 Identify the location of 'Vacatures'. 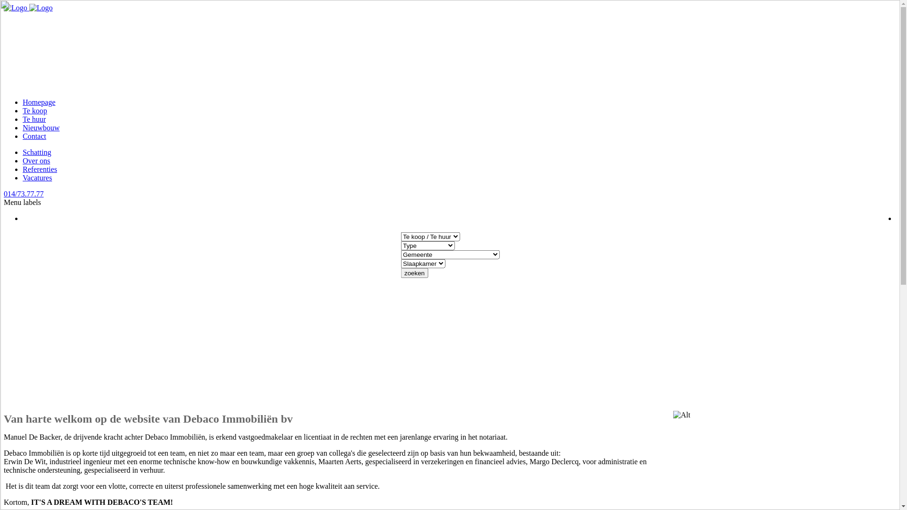
(37, 178).